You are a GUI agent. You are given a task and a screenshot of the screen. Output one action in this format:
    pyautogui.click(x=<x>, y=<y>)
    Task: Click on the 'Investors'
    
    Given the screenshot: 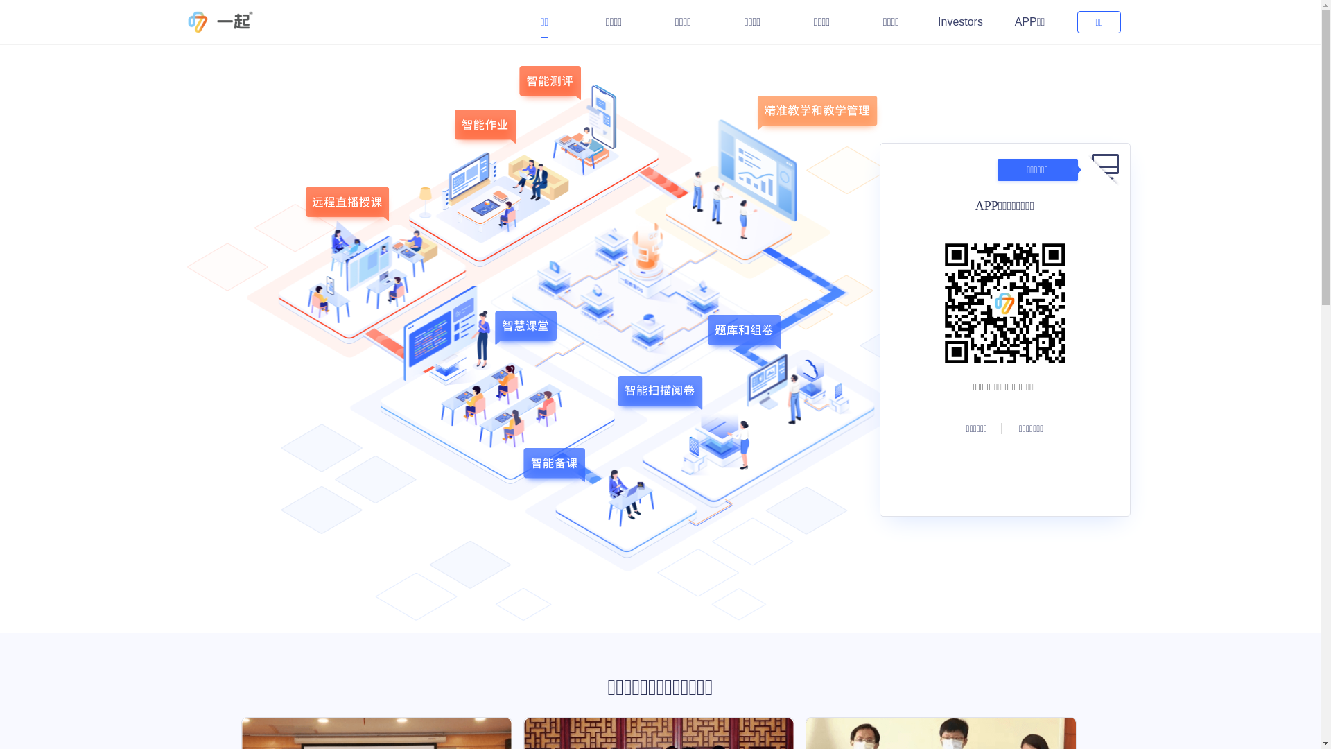 What is the action you would take?
    pyautogui.click(x=960, y=21)
    